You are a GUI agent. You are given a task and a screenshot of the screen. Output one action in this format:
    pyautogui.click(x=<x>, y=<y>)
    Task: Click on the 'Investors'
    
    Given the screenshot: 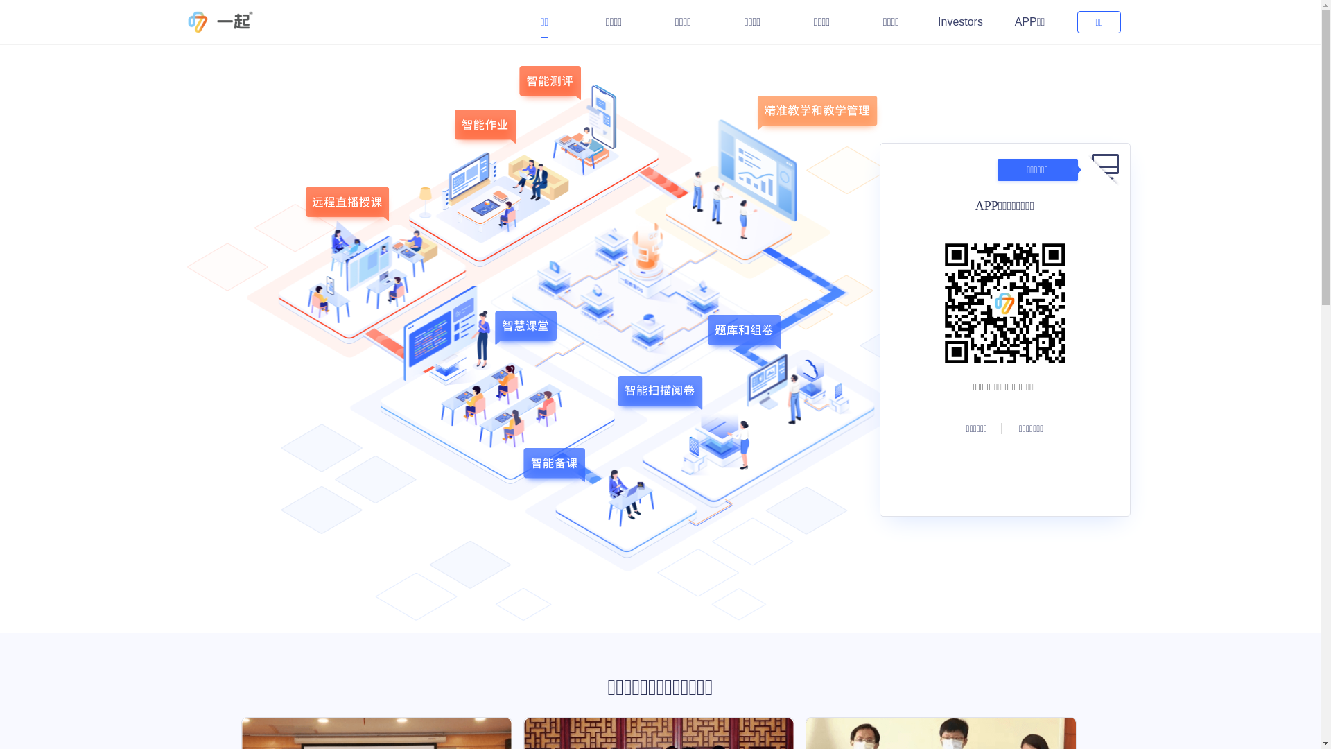 What is the action you would take?
    pyautogui.click(x=960, y=21)
    